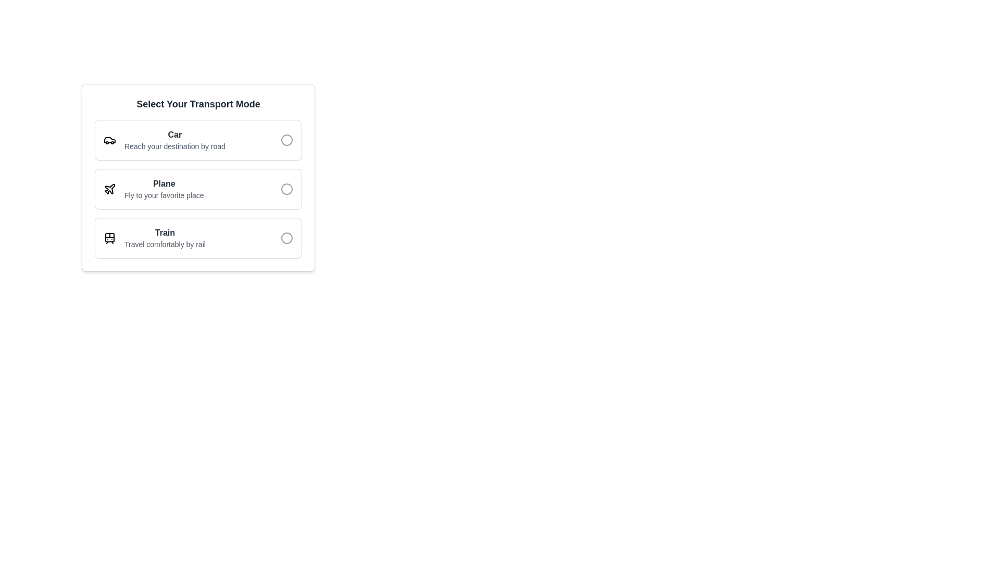 The height and width of the screenshot is (563, 1000). Describe the element at coordinates (164, 244) in the screenshot. I see `the descriptive text label for the transport mode 'Train', located directly under the 'Train' label and to the right of the train icon in the 'Select Your Transport Mode' options card` at that location.